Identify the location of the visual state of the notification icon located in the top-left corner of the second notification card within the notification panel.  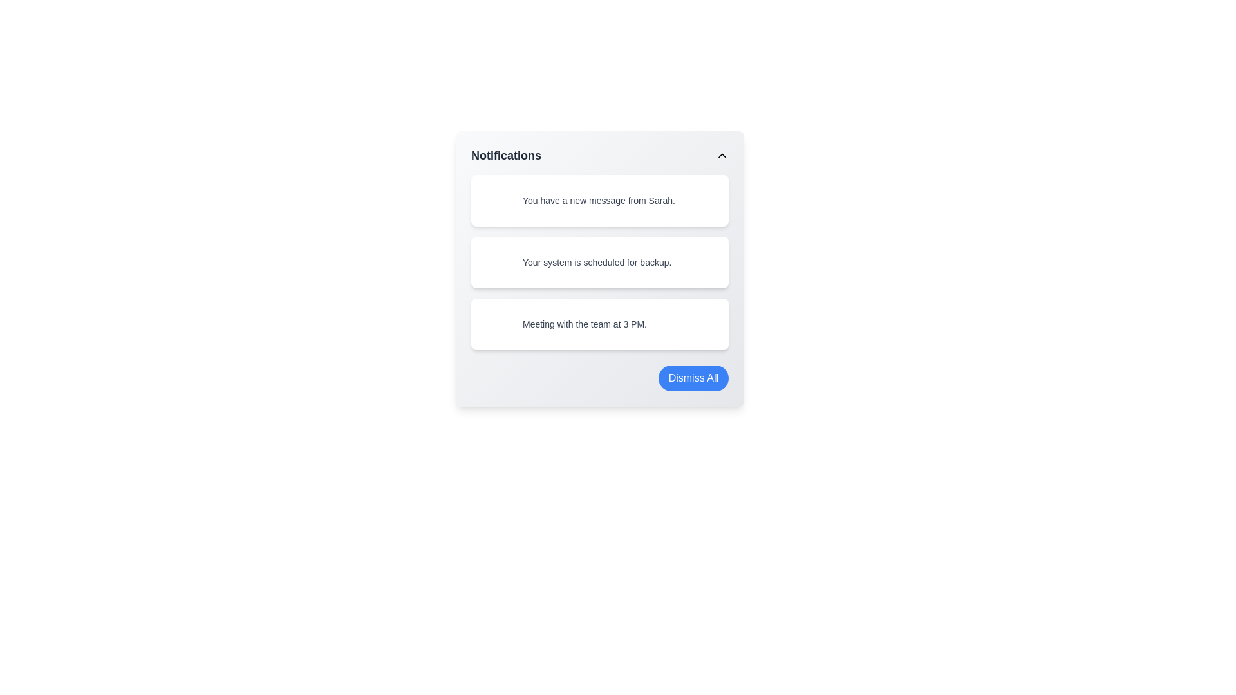
(496, 262).